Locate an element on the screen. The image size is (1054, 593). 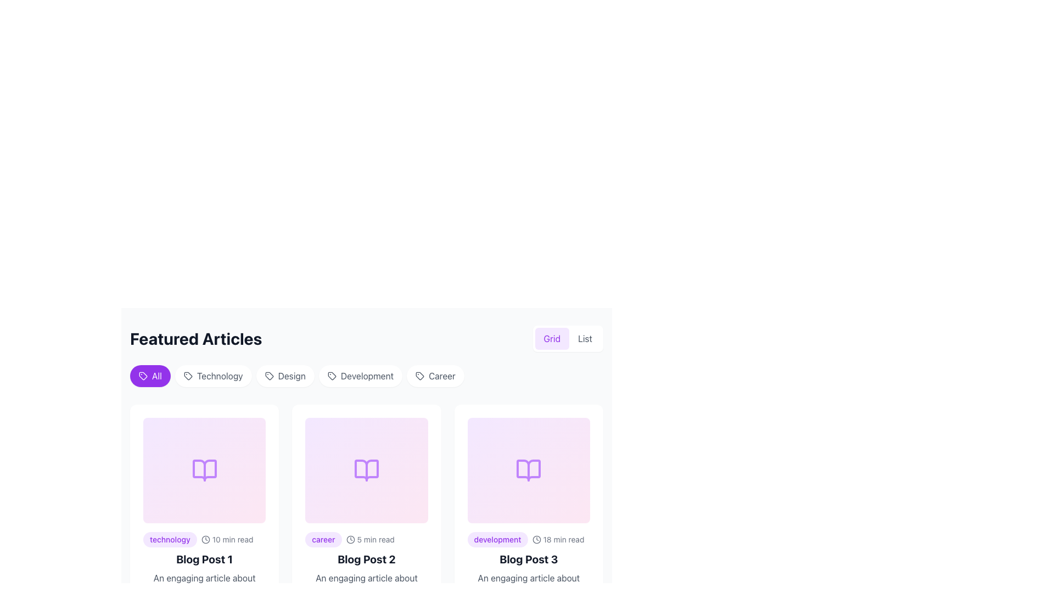
the tag icon located inside the 'All' button, which is part of the button group is located at coordinates (142, 376).